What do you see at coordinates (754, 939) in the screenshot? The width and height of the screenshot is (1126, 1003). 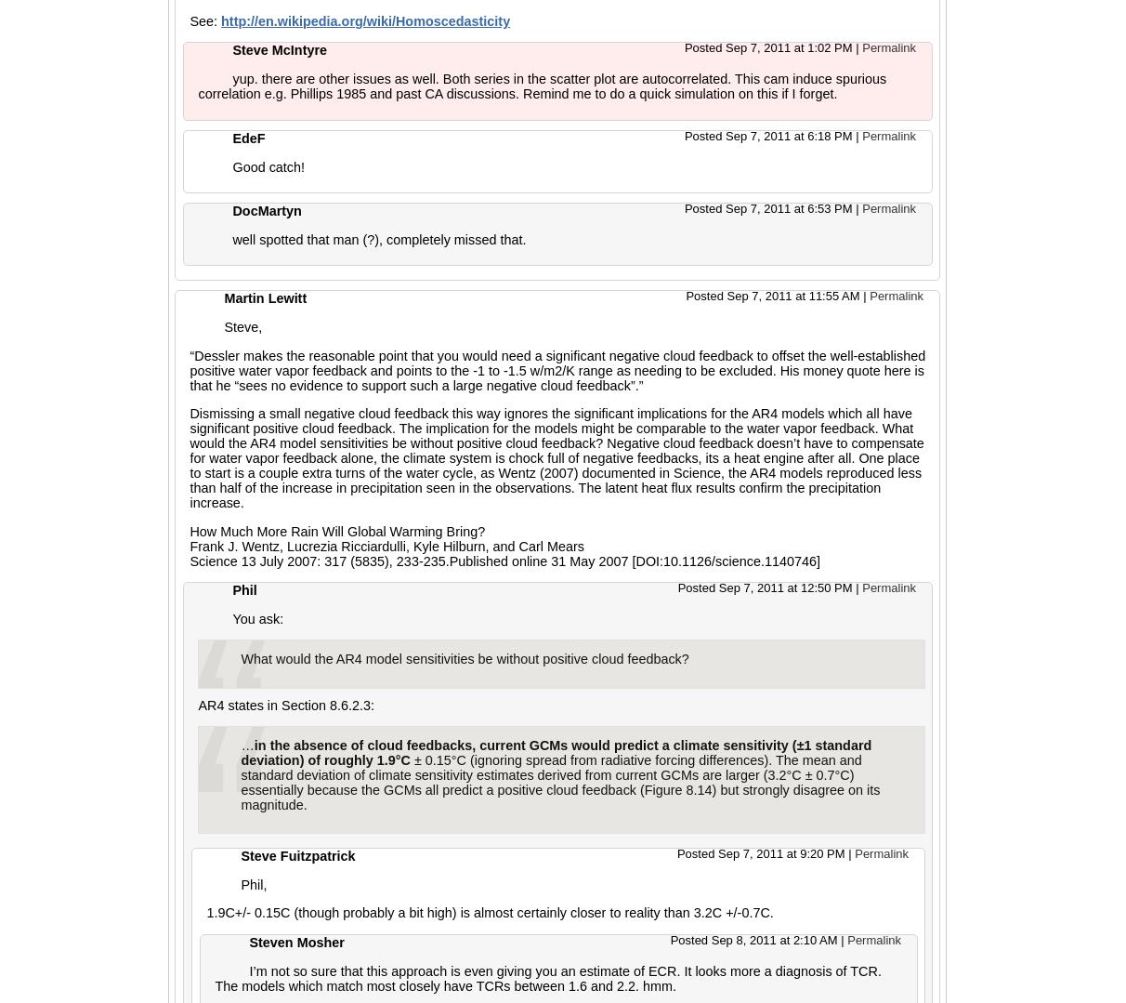 I see `'Posted Sep 8, 2011 at 2:10 AM'` at bounding box center [754, 939].